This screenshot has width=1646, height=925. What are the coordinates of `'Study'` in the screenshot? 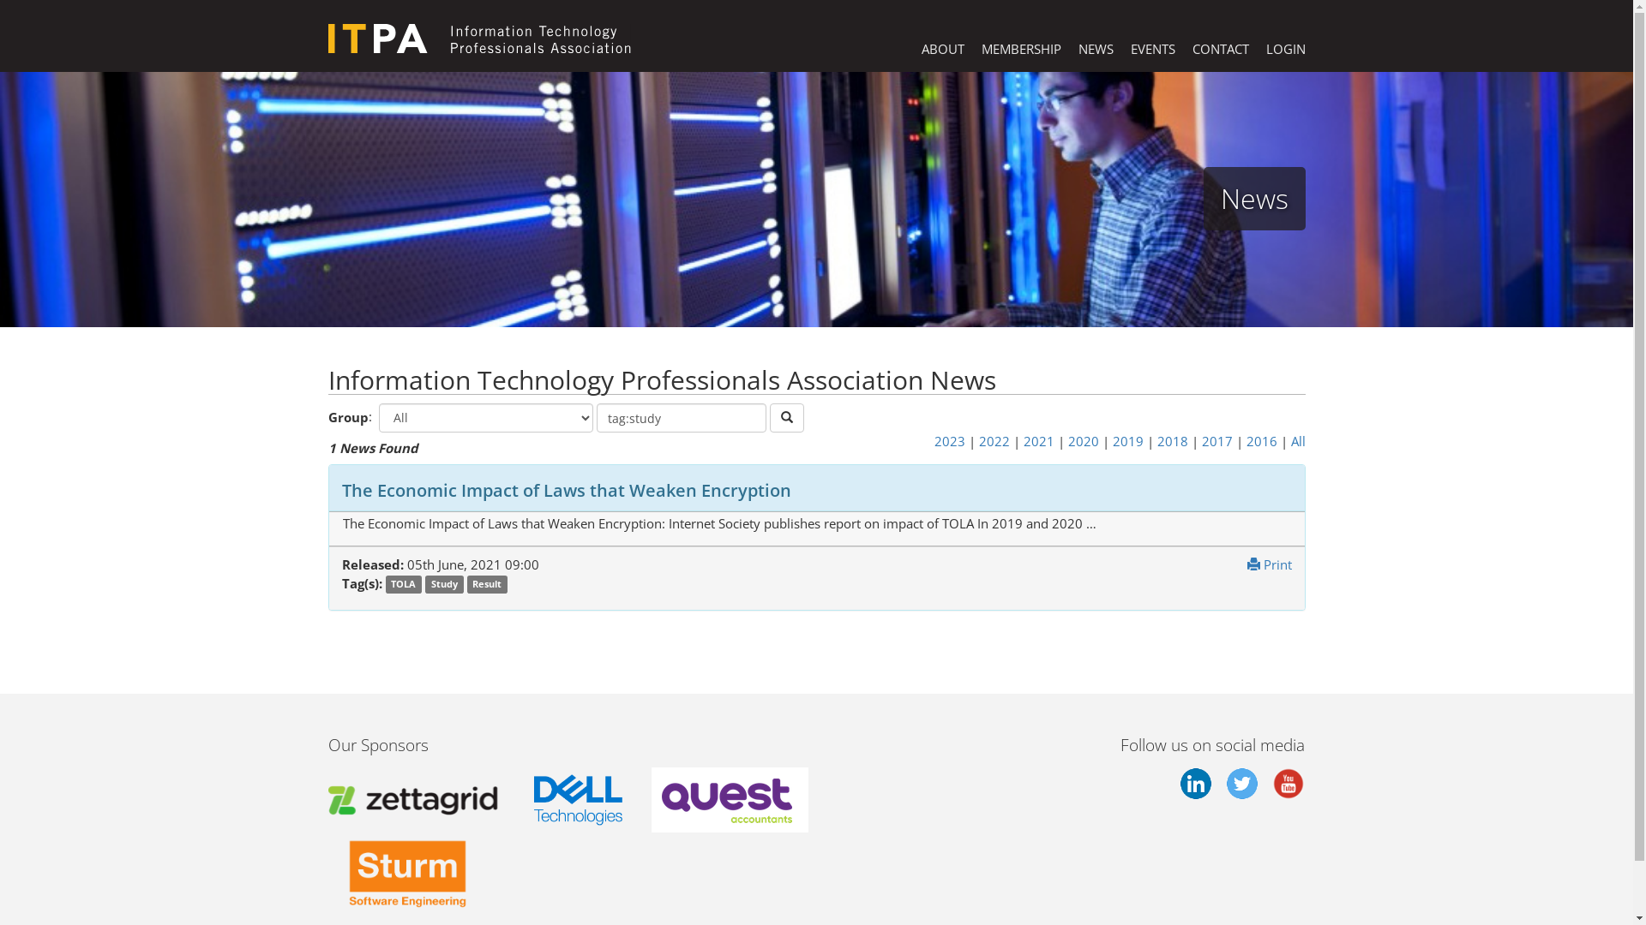 It's located at (444, 583).